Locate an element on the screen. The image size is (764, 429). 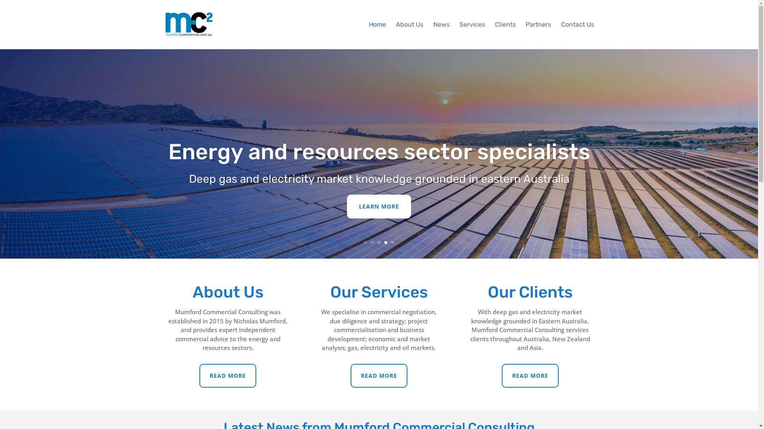
'2' is located at coordinates (370, 242).